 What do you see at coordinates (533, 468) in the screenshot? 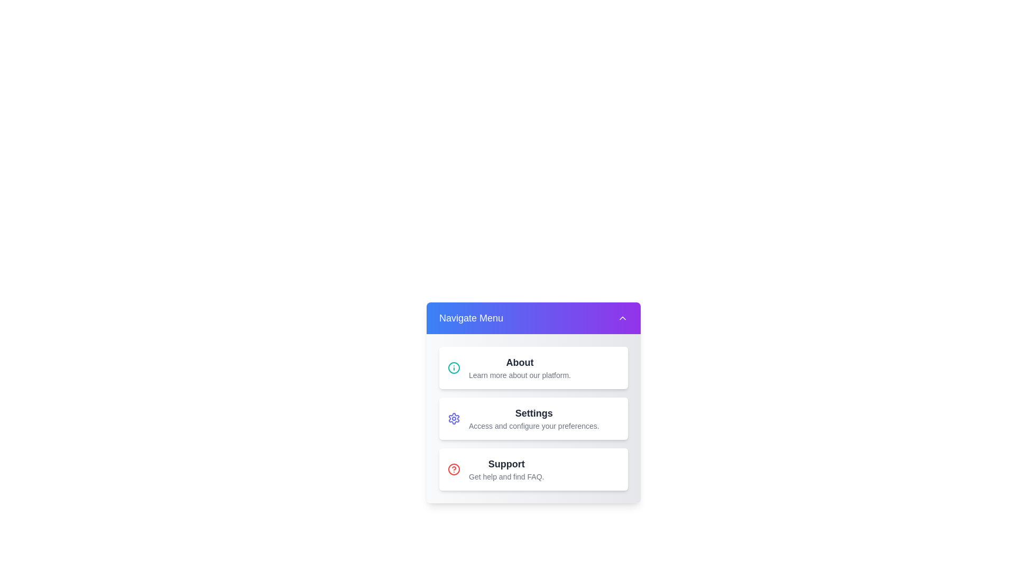
I see `the menu item Support to observe hover effects` at bounding box center [533, 468].